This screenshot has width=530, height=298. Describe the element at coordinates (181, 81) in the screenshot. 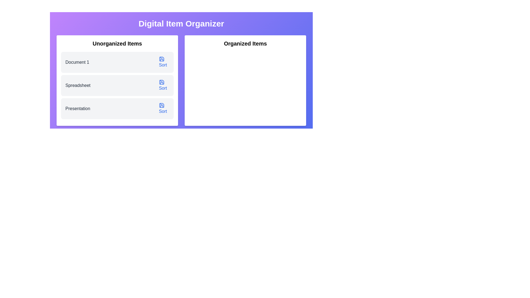

I see `and drop items between the 'Unorganized' and 'Organized' sections of the grid layout` at that location.